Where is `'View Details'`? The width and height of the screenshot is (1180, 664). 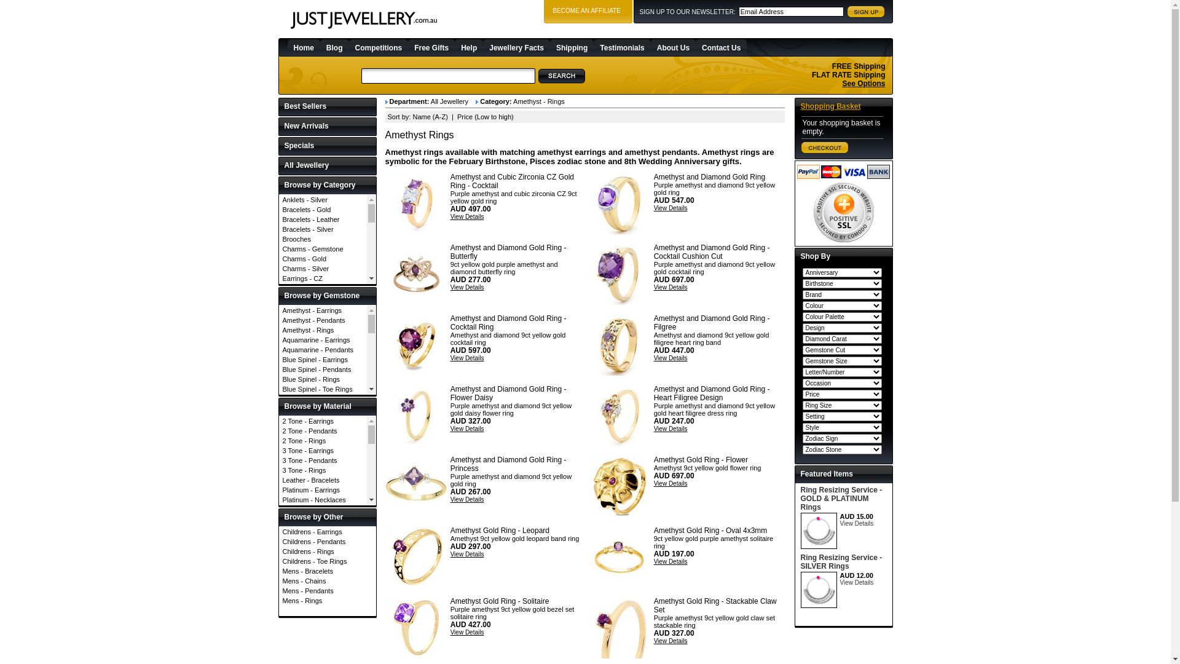
'View Details' is located at coordinates (466, 216).